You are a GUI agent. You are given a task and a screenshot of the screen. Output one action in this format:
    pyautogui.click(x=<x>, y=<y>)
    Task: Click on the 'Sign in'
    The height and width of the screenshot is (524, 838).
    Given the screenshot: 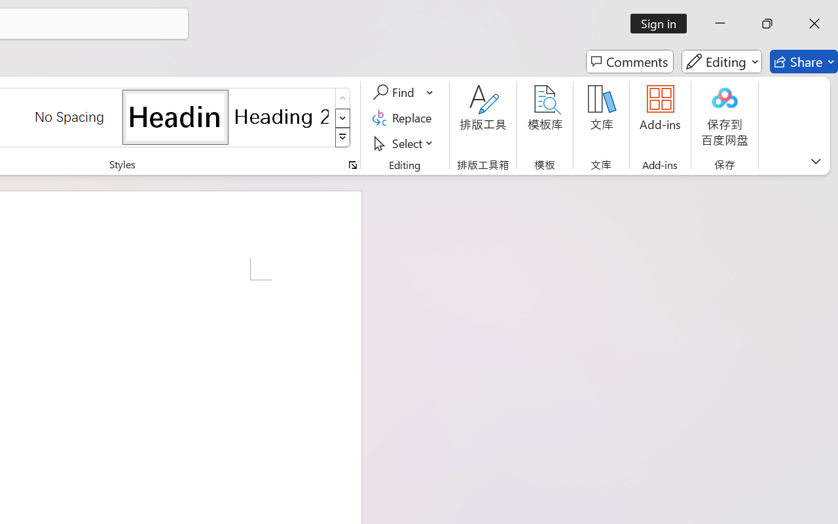 What is the action you would take?
    pyautogui.click(x=663, y=23)
    